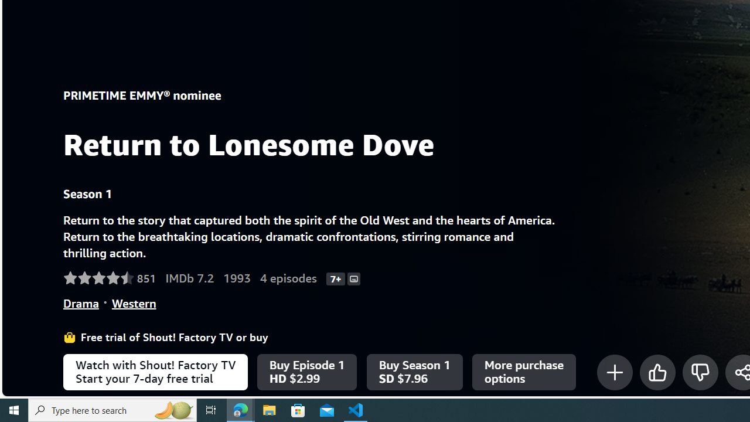 This screenshot has width=750, height=422. What do you see at coordinates (134, 302) in the screenshot?
I see `'Western'` at bounding box center [134, 302].